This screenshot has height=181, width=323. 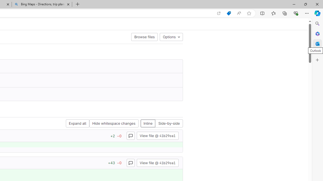 I want to click on 'Hide whitespace changes', so click(x=114, y=123).